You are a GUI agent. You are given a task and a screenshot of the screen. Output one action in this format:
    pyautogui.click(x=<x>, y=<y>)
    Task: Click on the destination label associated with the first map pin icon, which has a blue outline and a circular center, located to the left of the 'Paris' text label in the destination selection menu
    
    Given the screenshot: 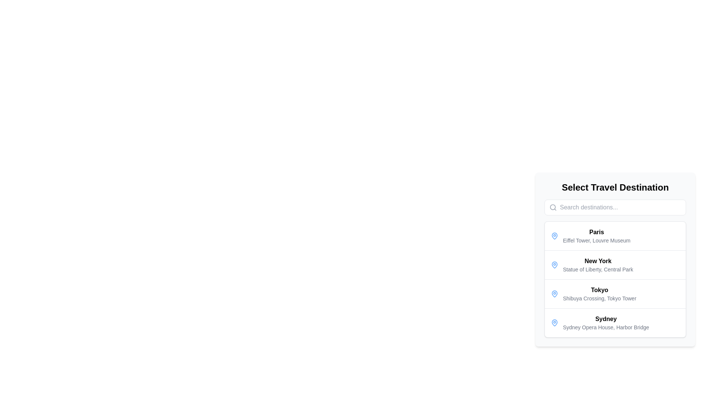 What is the action you would take?
    pyautogui.click(x=555, y=264)
    